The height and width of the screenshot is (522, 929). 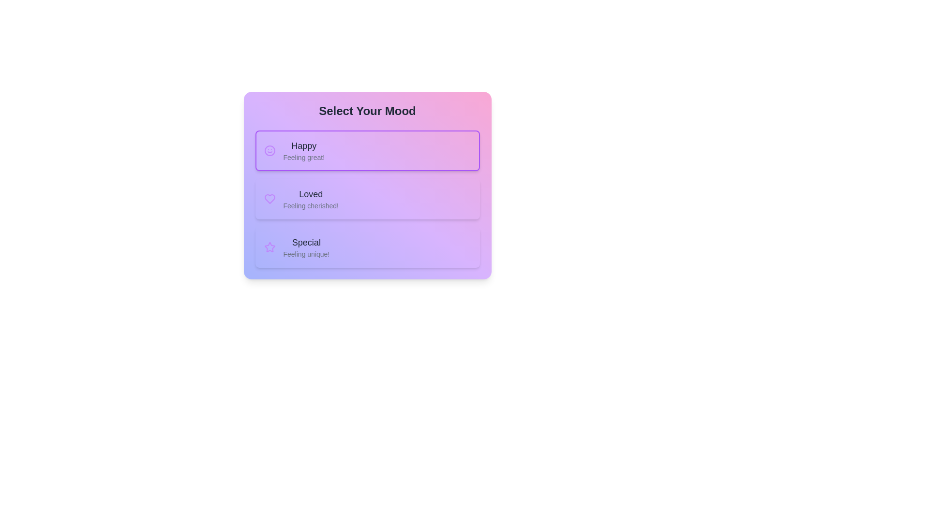 What do you see at coordinates (303, 151) in the screenshot?
I see `the surrounding button for selection related to the 'Happy' mood option, which is the first choice in the mood selection labeled 'Select Your Mood'` at bounding box center [303, 151].